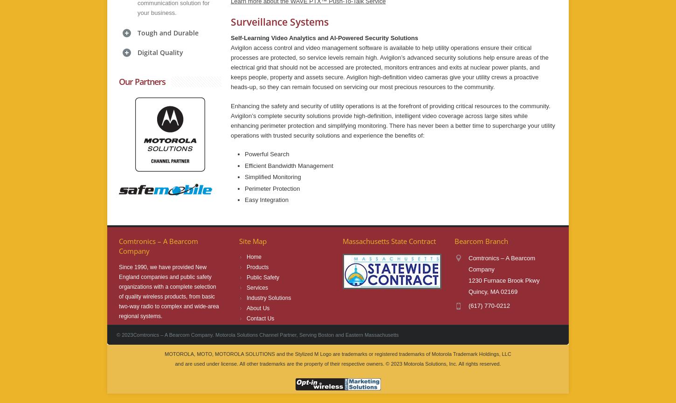 This screenshot has width=676, height=403. What do you see at coordinates (263, 277) in the screenshot?
I see `'Public Safety'` at bounding box center [263, 277].